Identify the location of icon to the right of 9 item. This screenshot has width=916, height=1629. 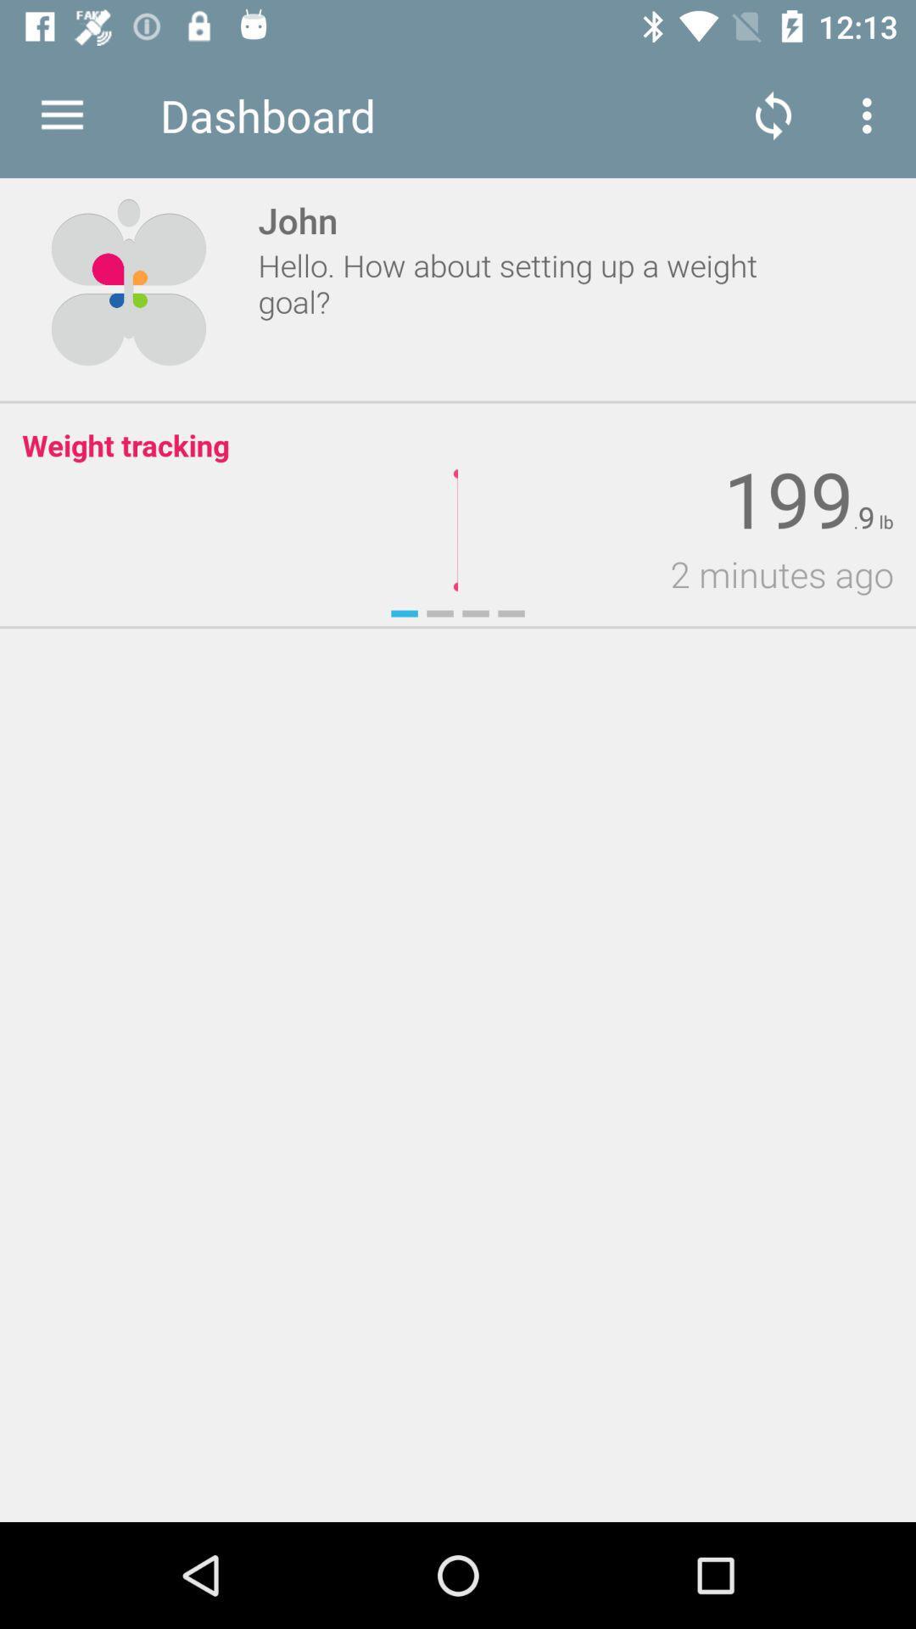
(883, 522).